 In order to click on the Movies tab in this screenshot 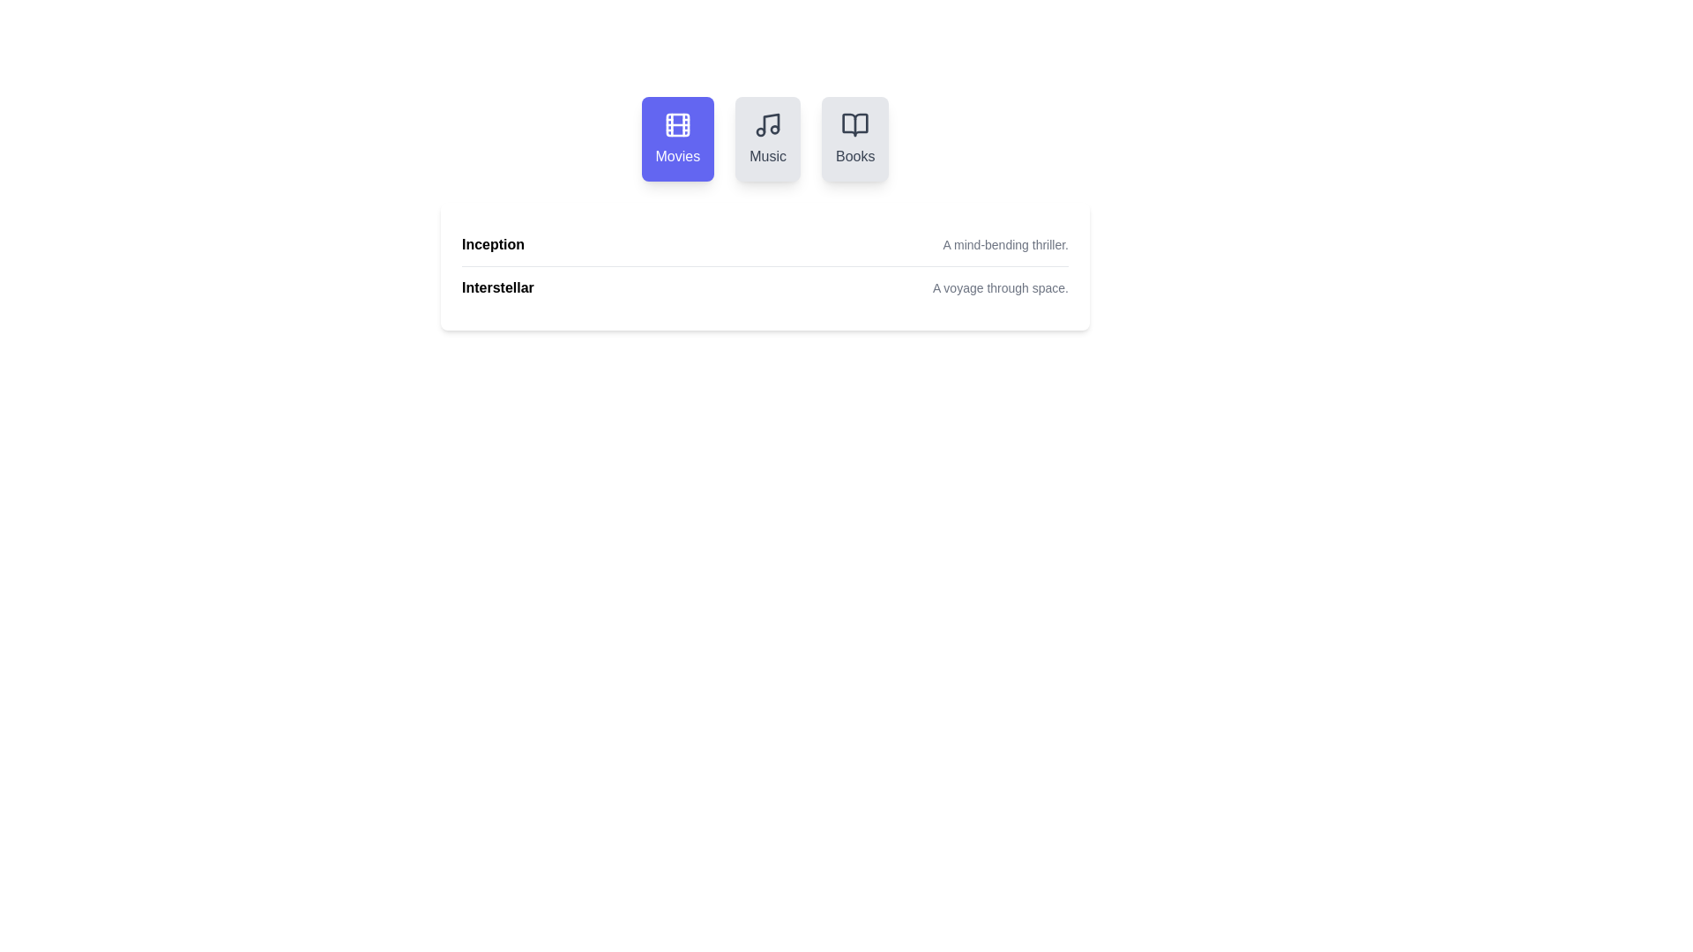, I will do `click(676, 138)`.